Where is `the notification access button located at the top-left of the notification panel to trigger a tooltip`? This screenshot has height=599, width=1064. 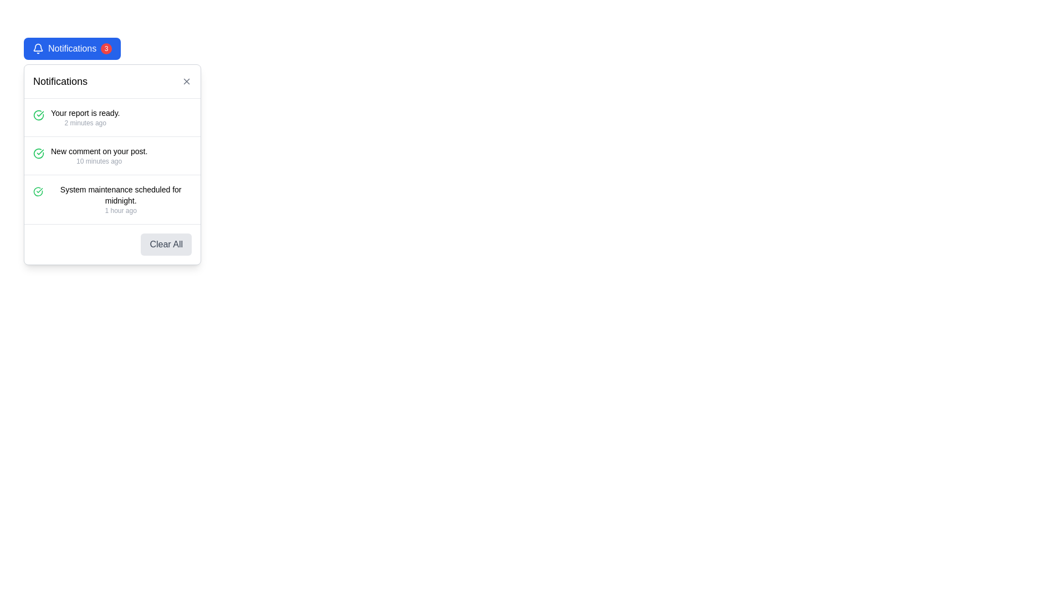
the notification access button located at the top-left of the notification panel to trigger a tooltip is located at coordinates (71, 48).